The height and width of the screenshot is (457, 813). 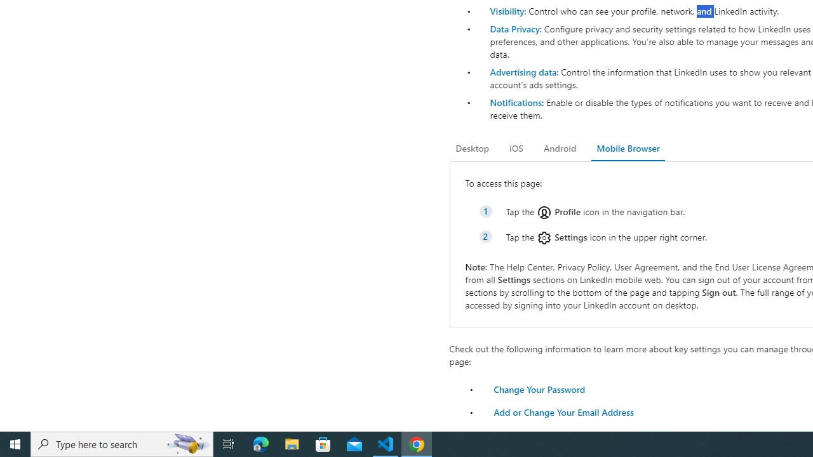 What do you see at coordinates (514, 29) in the screenshot?
I see `'Data Privacy'` at bounding box center [514, 29].